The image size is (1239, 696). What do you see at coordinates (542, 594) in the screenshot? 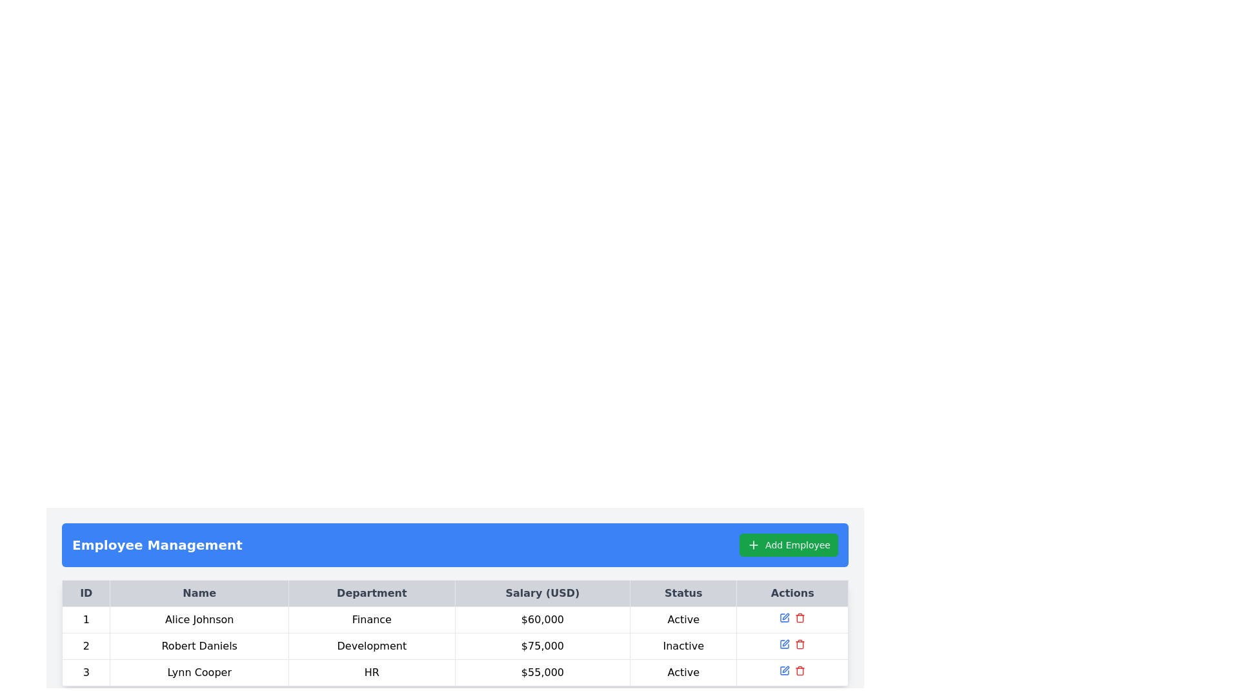
I see `the 'Salary (USD)' text label in the fourth column of the table header, which has a light gray background and centered black font` at bounding box center [542, 594].